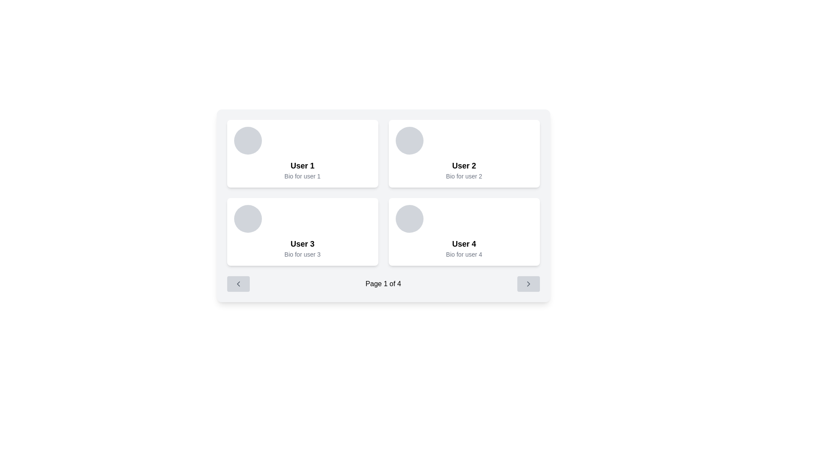 The image size is (834, 469). Describe the element at coordinates (302, 244) in the screenshot. I see `the 'User 3' text label located inside the card in the lower-left corner of the visible card grid, which provides the name of the user represented in the card` at that location.